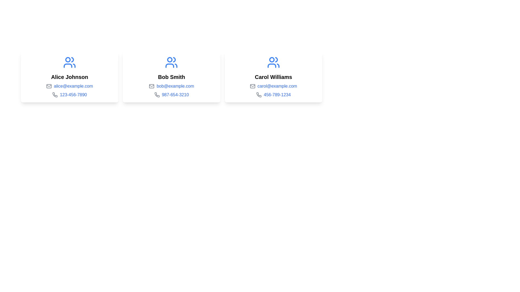 The image size is (520, 292). What do you see at coordinates (273, 95) in the screenshot?
I see `the clickable text link for 'Carol Williams' to initiate a phone call` at bounding box center [273, 95].